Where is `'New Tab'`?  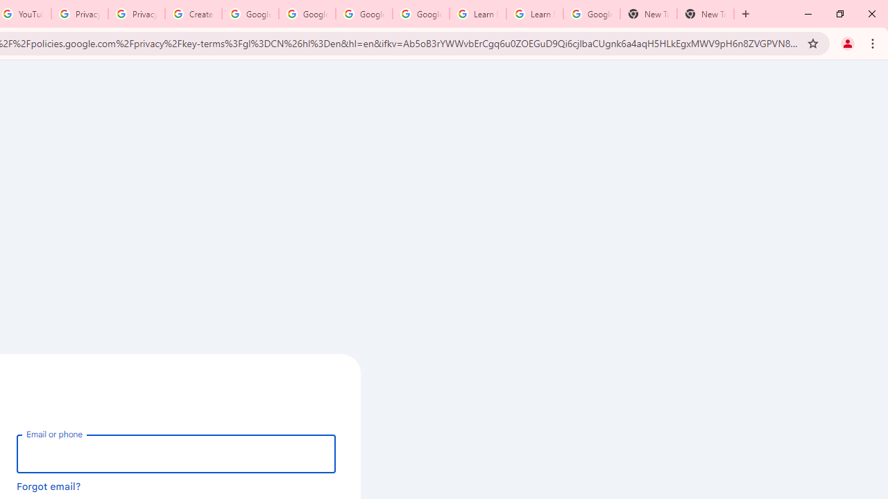 'New Tab' is located at coordinates (705, 14).